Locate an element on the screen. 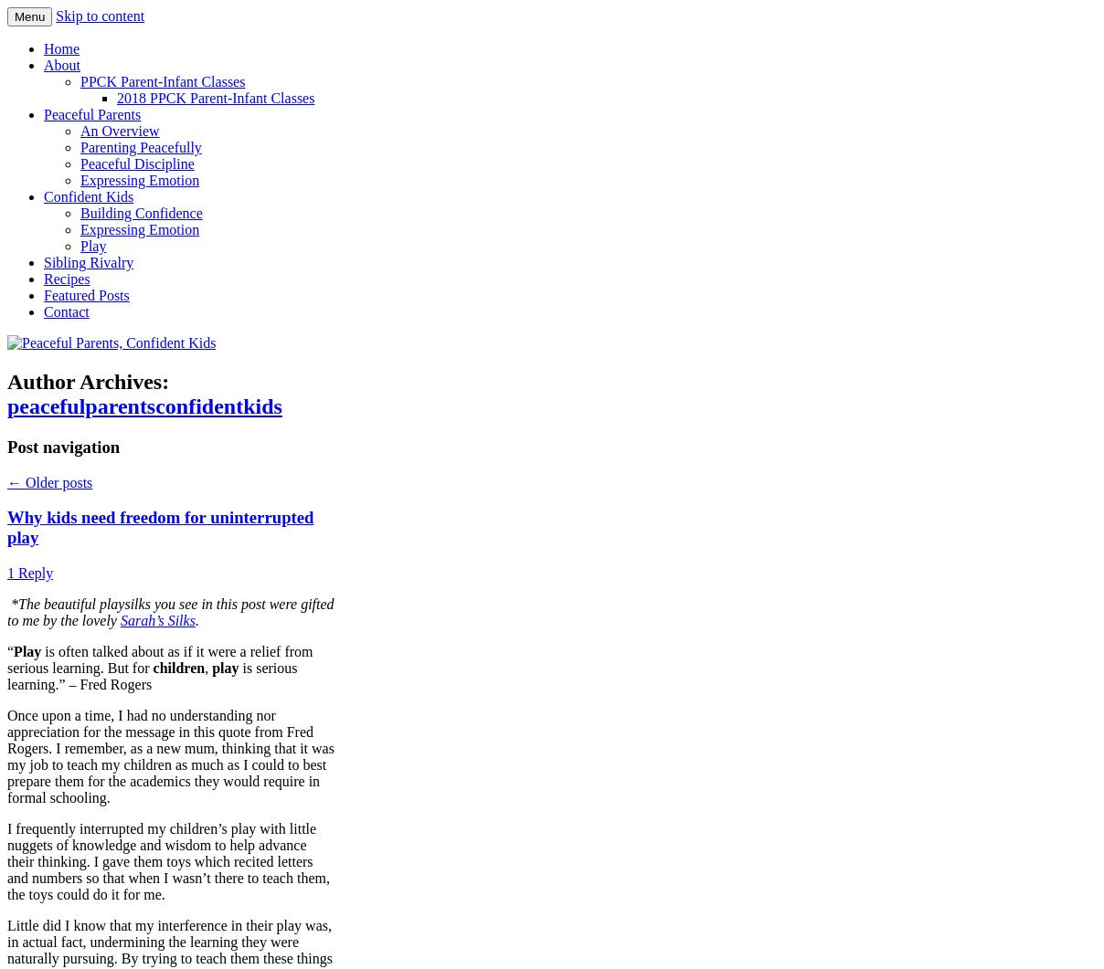 The height and width of the screenshot is (969, 1104). 'children' is located at coordinates (178, 667).